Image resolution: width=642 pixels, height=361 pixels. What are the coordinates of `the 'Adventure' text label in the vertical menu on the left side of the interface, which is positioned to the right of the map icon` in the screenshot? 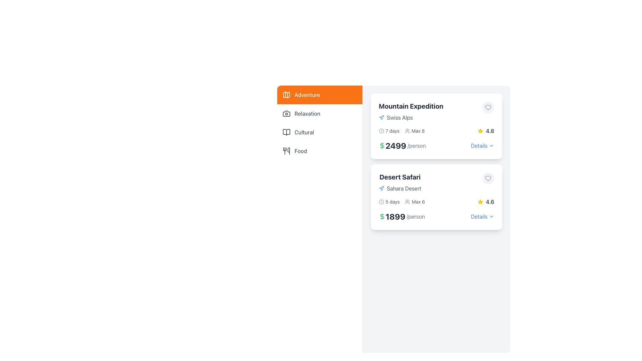 It's located at (307, 95).